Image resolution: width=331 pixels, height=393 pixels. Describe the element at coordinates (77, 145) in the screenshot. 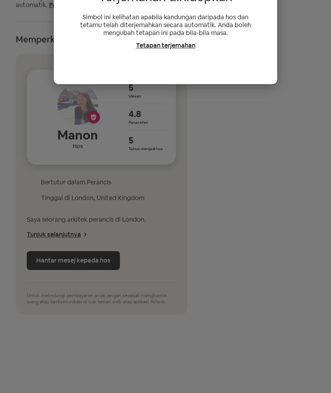

I see `'Hos'` at that location.